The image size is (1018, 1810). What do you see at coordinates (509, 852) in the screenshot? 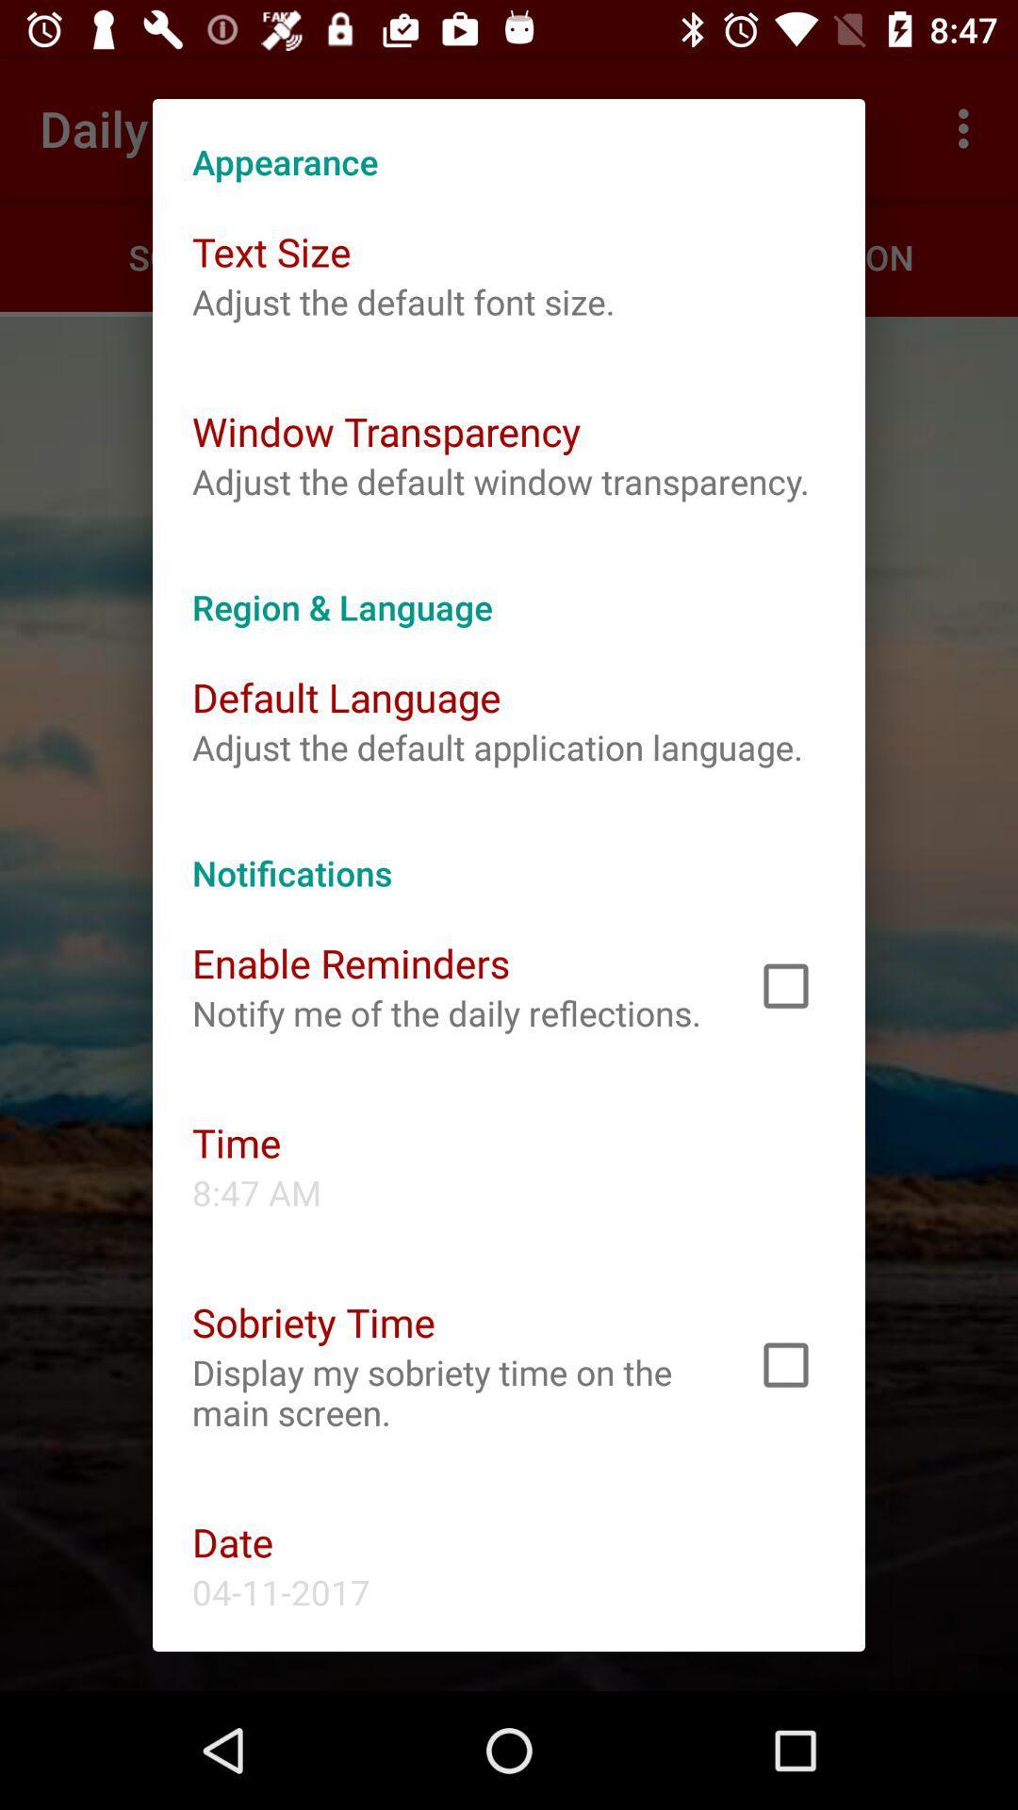
I see `notifications` at bounding box center [509, 852].